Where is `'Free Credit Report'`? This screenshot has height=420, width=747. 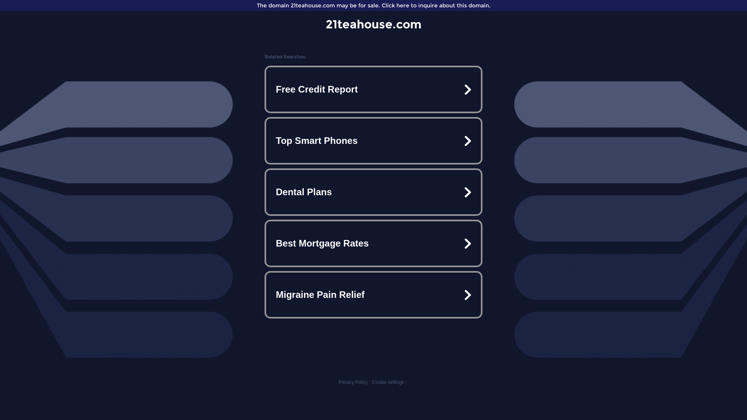
'Free Credit Report' is located at coordinates (373, 89).